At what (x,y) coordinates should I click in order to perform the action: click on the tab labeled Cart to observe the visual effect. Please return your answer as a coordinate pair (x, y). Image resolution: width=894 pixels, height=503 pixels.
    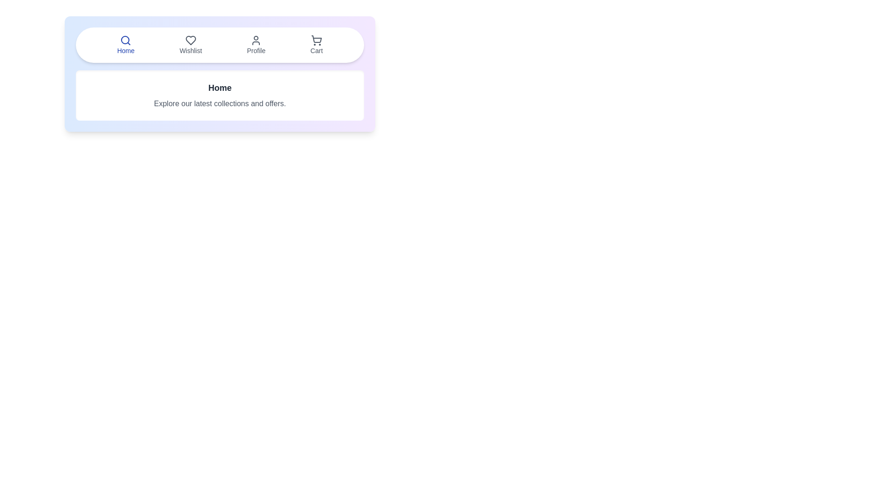
    Looking at the image, I should click on (317, 45).